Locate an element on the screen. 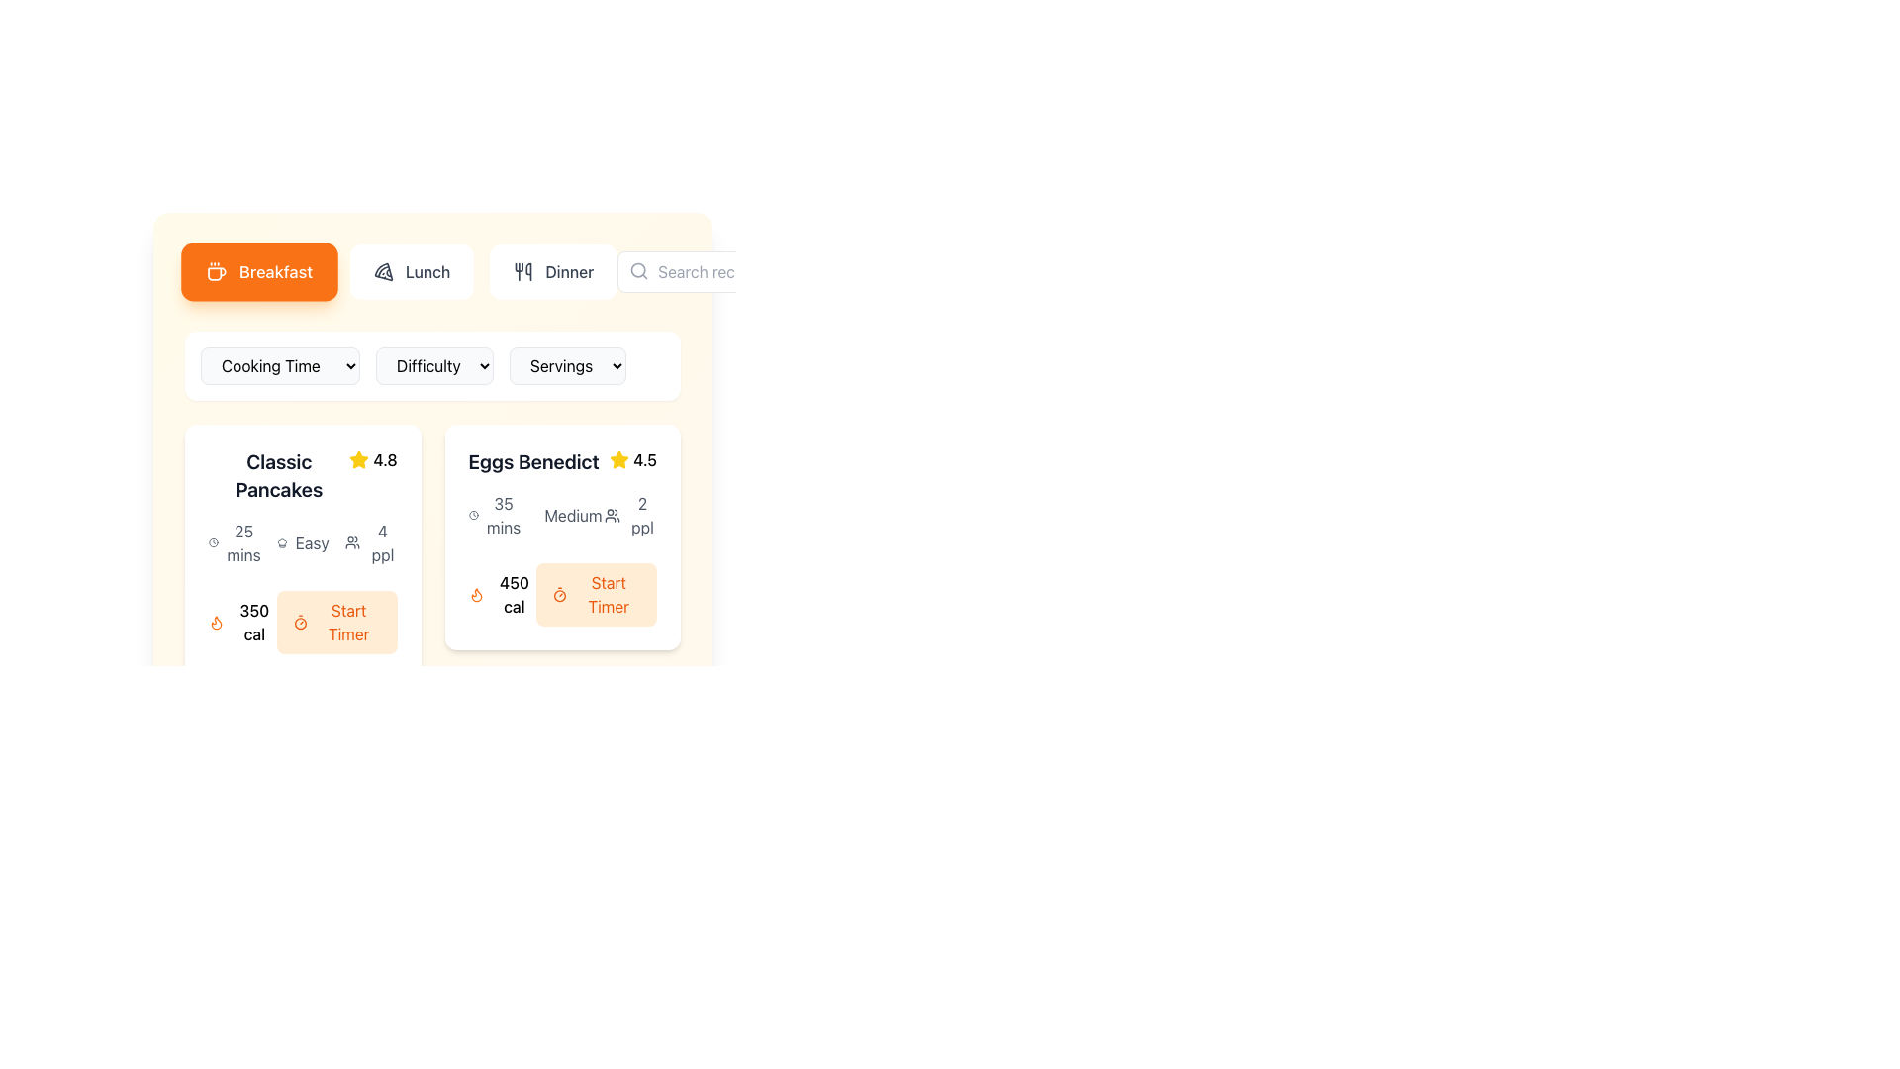 This screenshot has width=1900, height=1069. the Text with icon element displaying '450 cal' next to the flame icon, located in the bottom-left corner of the Eggs Benedict card is located at coordinates (502, 594).